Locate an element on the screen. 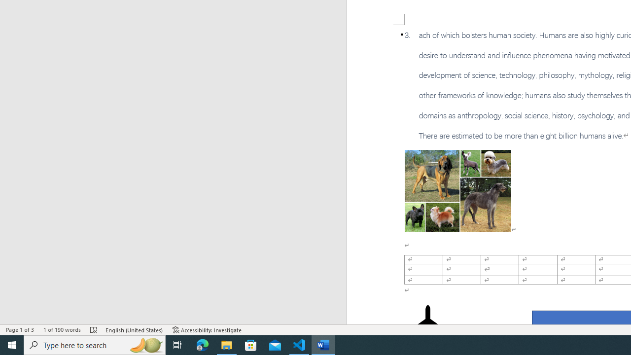 The image size is (631, 355). 'Airplane with solid fill' is located at coordinates (427, 324).